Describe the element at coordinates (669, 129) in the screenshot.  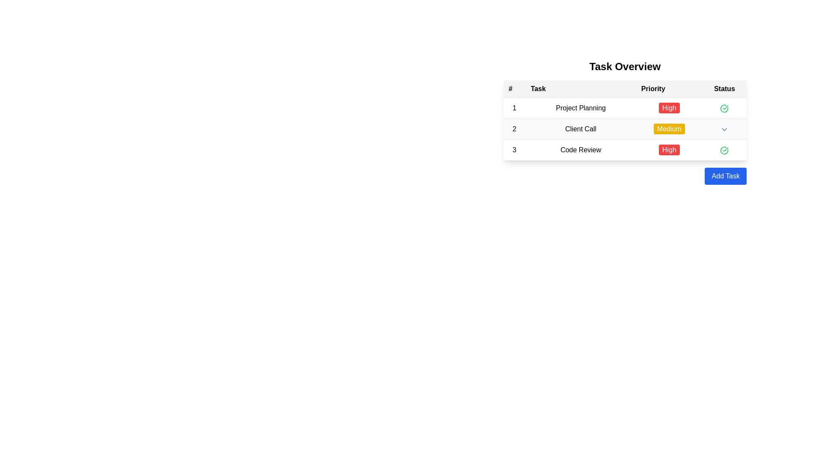
I see `the 'Medium' label located in the 'Priority' column of the second row in the task list under 'Task Overview'` at that location.